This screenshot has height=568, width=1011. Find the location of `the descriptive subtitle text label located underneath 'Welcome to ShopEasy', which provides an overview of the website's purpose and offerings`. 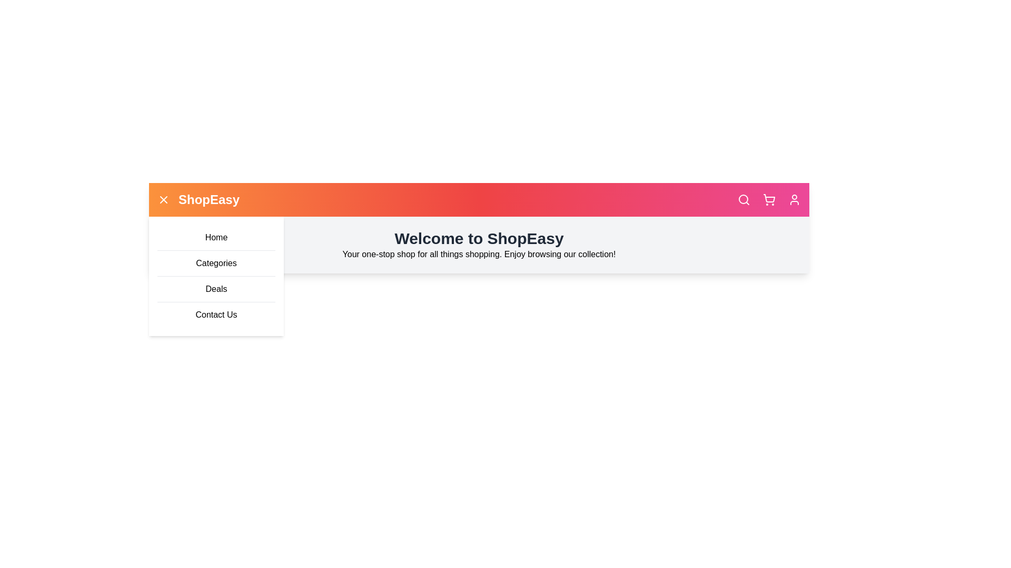

the descriptive subtitle text label located underneath 'Welcome to ShopEasy', which provides an overview of the website's purpose and offerings is located at coordinates (479, 254).